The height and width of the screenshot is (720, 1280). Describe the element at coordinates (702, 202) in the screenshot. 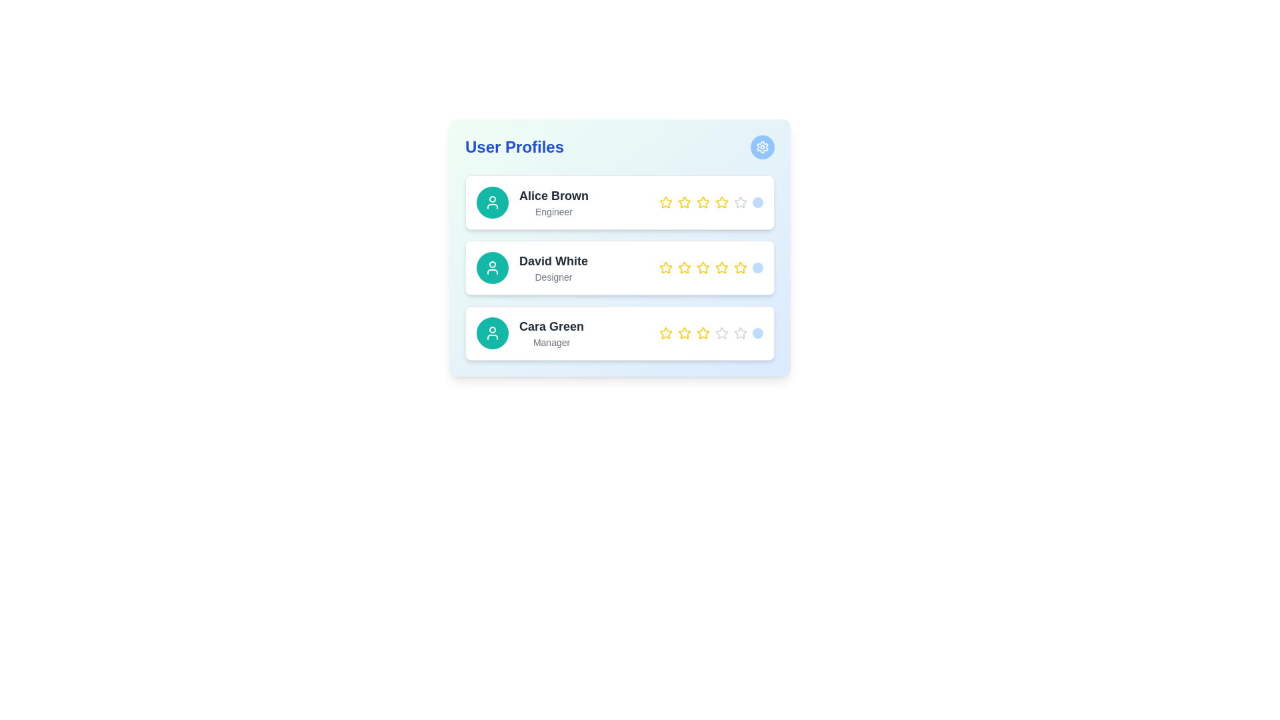

I see `the fourth selectable rating star for user 'Alice Brown'` at that location.